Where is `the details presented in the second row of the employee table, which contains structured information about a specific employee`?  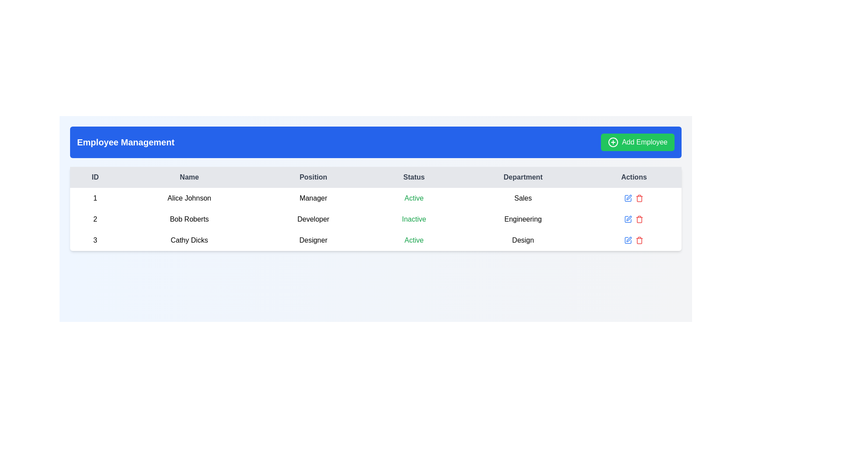 the details presented in the second row of the employee table, which contains structured information about a specific employee is located at coordinates (376, 219).